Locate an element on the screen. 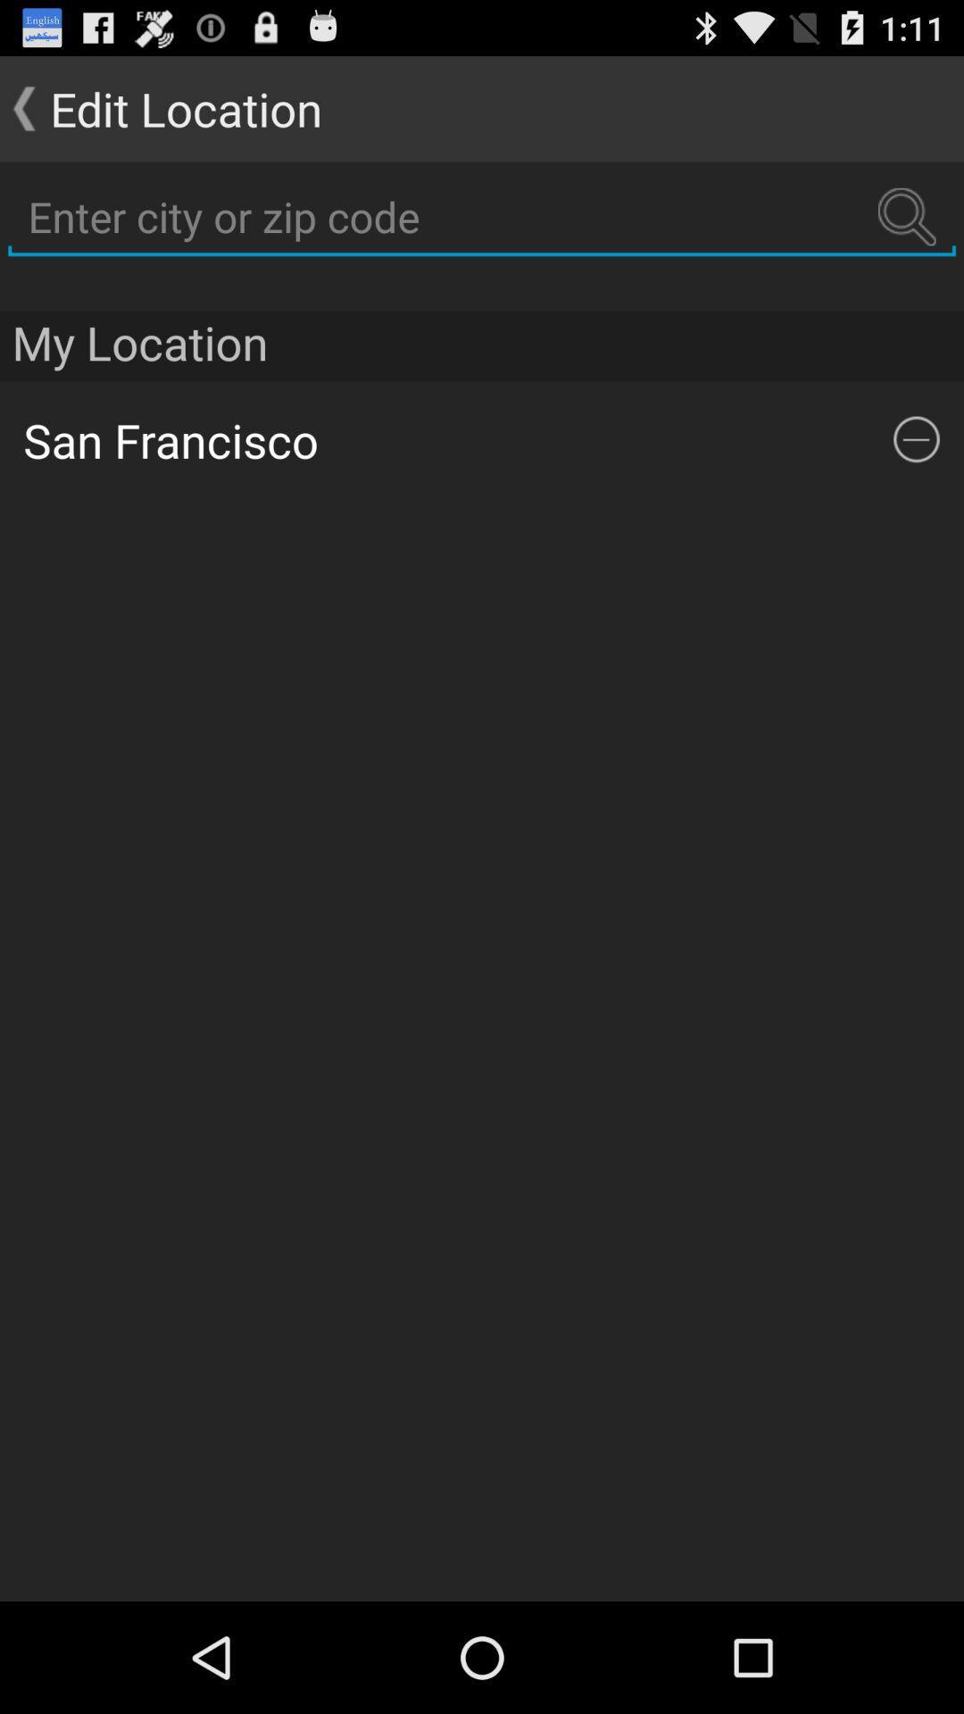 The width and height of the screenshot is (964, 1714). edit location icon is located at coordinates (161, 107).